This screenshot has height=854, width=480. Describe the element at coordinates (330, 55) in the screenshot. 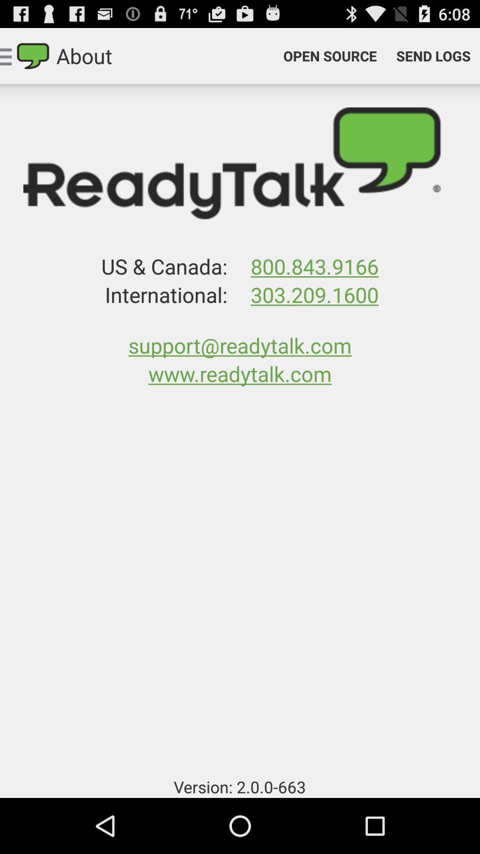

I see `the item to the left of send logs item` at that location.